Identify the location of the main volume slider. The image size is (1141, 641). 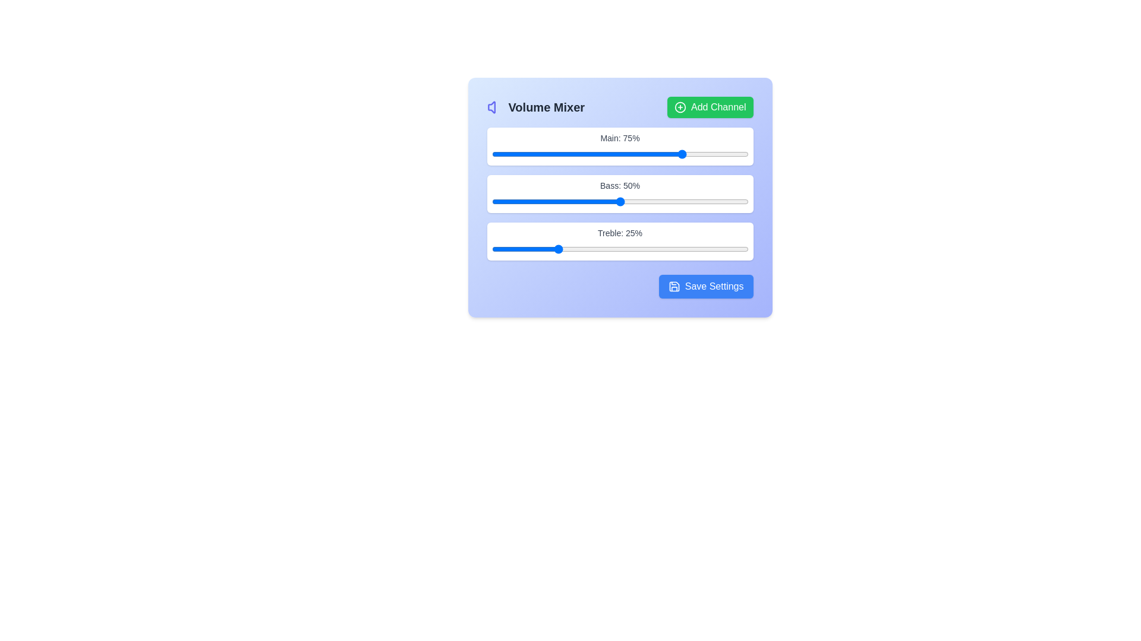
(587, 153).